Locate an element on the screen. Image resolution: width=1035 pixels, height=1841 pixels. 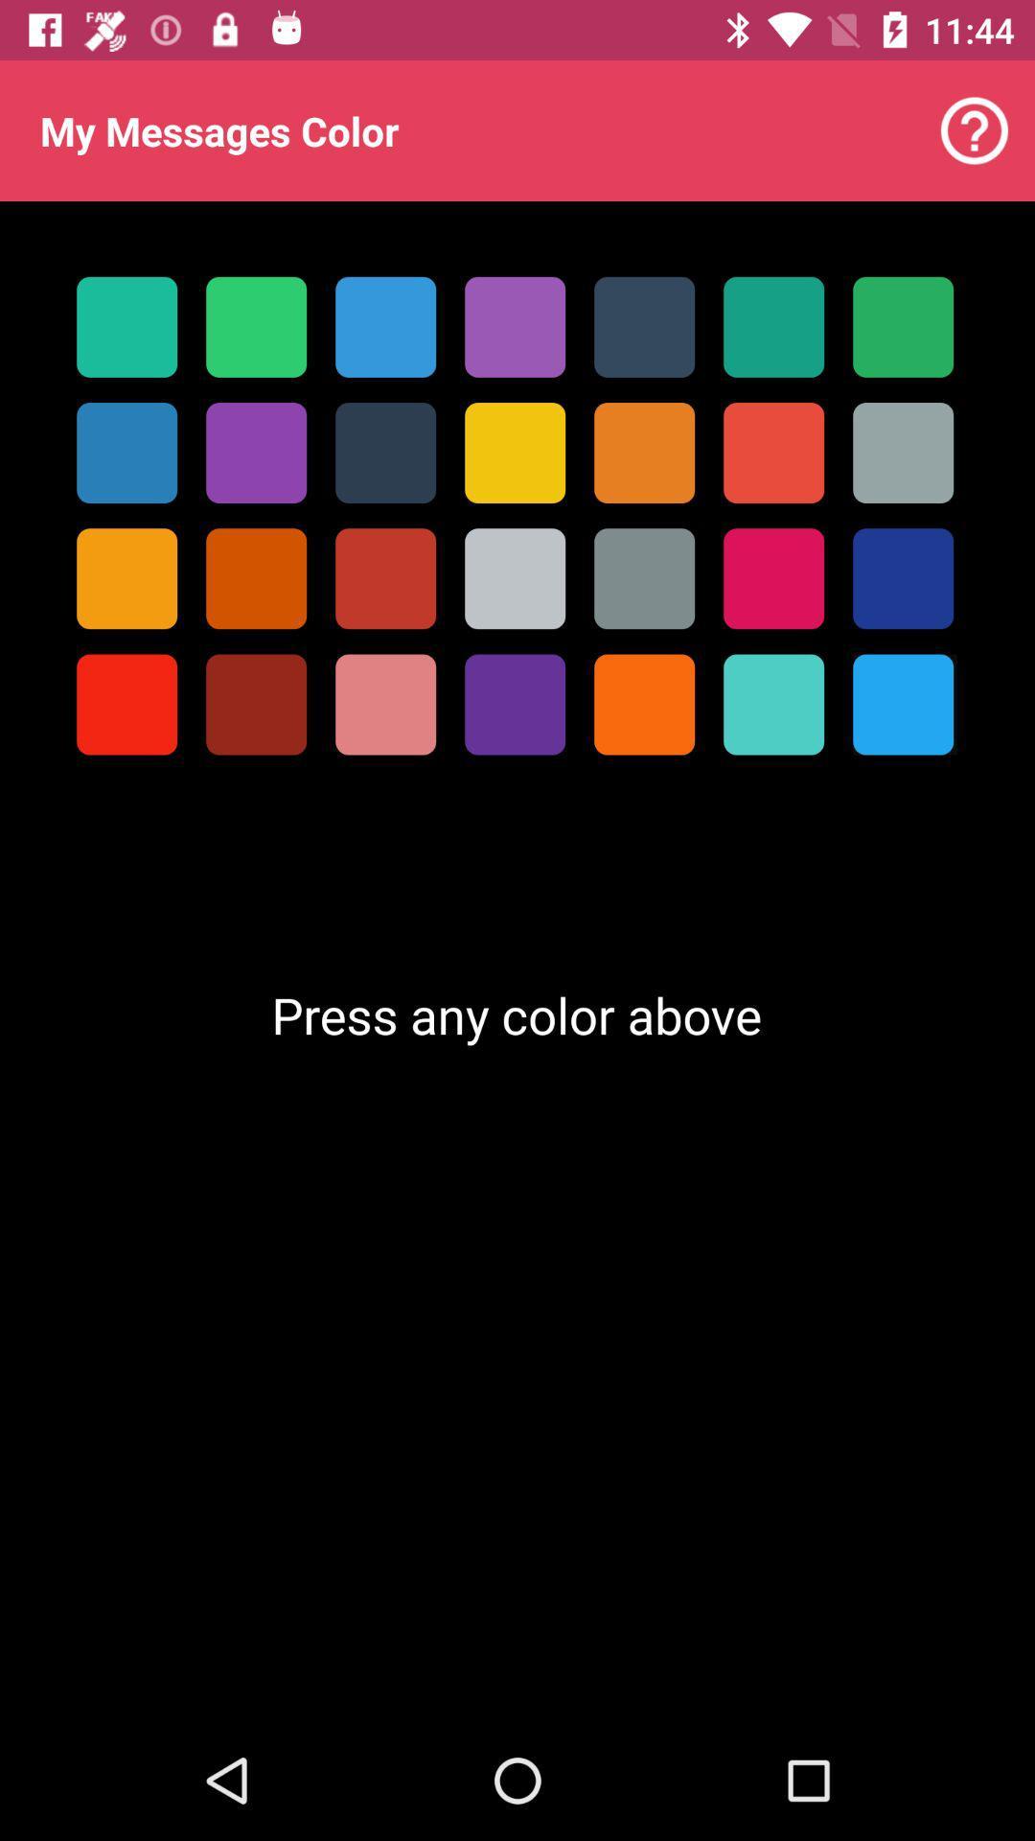
item next to my messages color item is located at coordinates (975, 129).